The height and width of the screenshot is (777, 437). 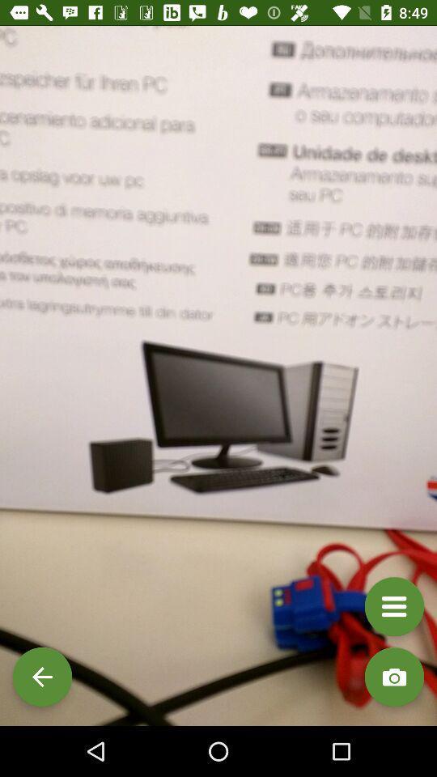 I want to click on the arrow_backward icon, so click(x=42, y=677).